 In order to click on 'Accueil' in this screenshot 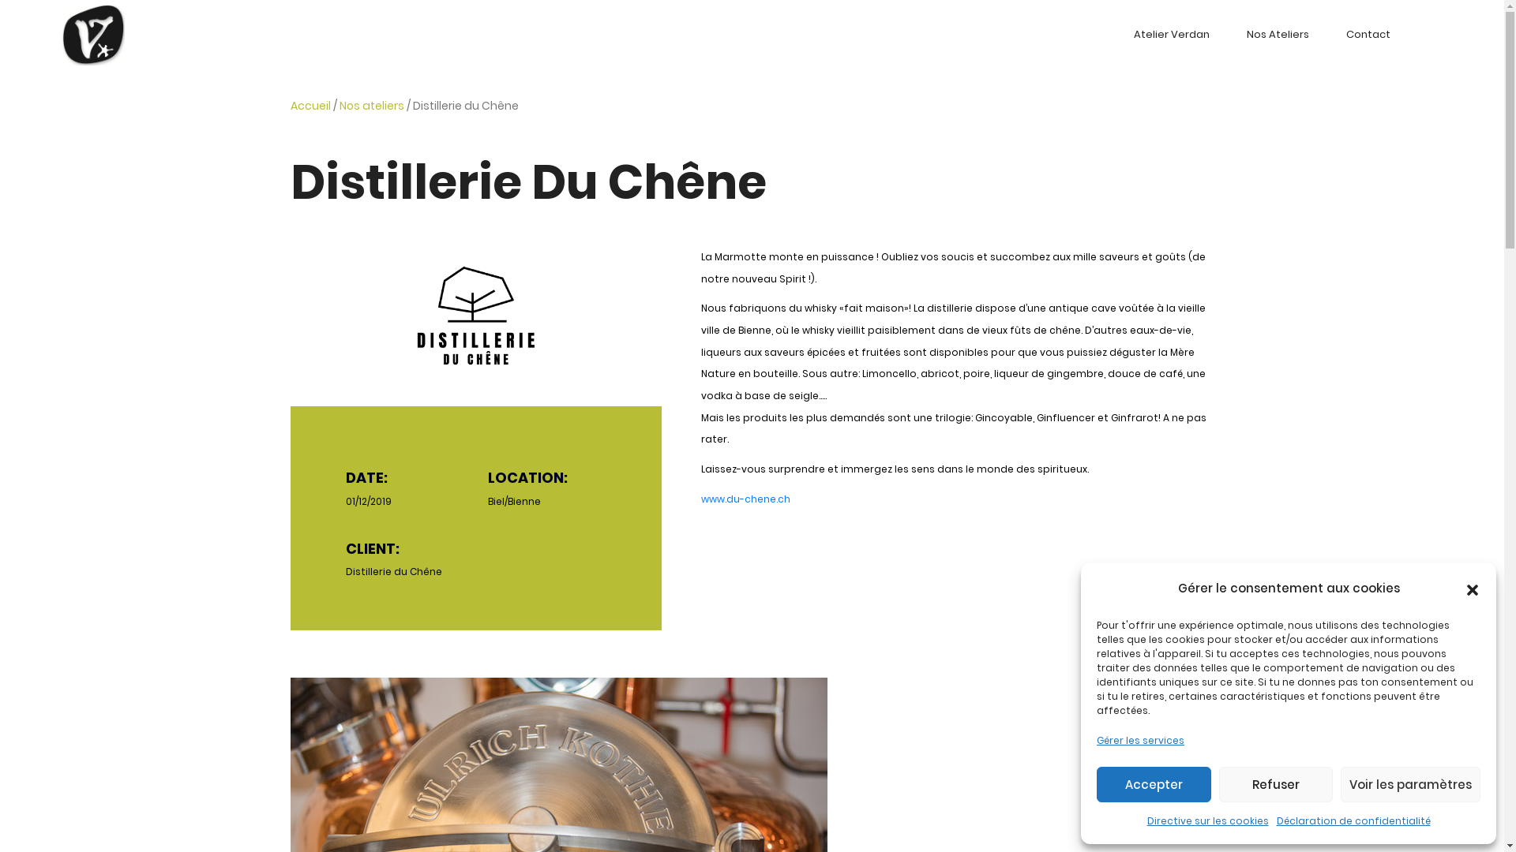, I will do `click(310, 106)`.